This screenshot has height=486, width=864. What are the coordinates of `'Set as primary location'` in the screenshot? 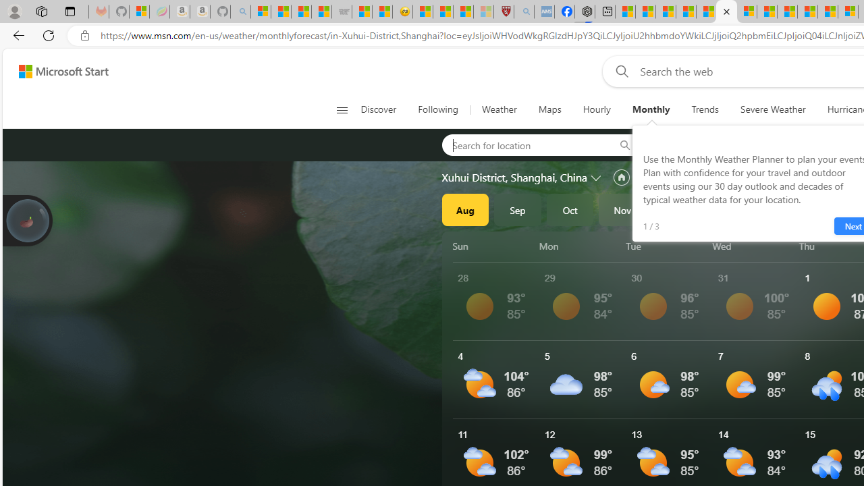 It's located at (620, 177).